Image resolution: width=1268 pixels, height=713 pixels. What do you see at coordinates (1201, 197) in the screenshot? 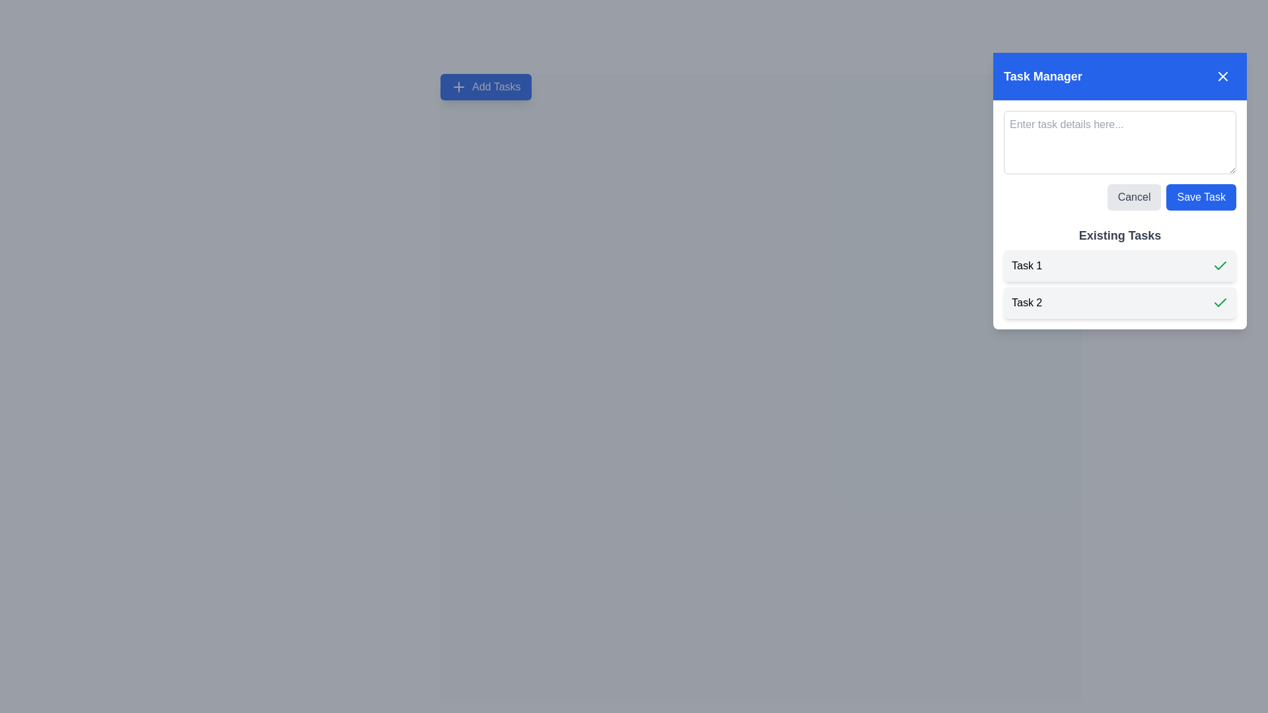
I see `the 'Save Task' button, which is a rectangular button with rounded corners and a blue background` at bounding box center [1201, 197].